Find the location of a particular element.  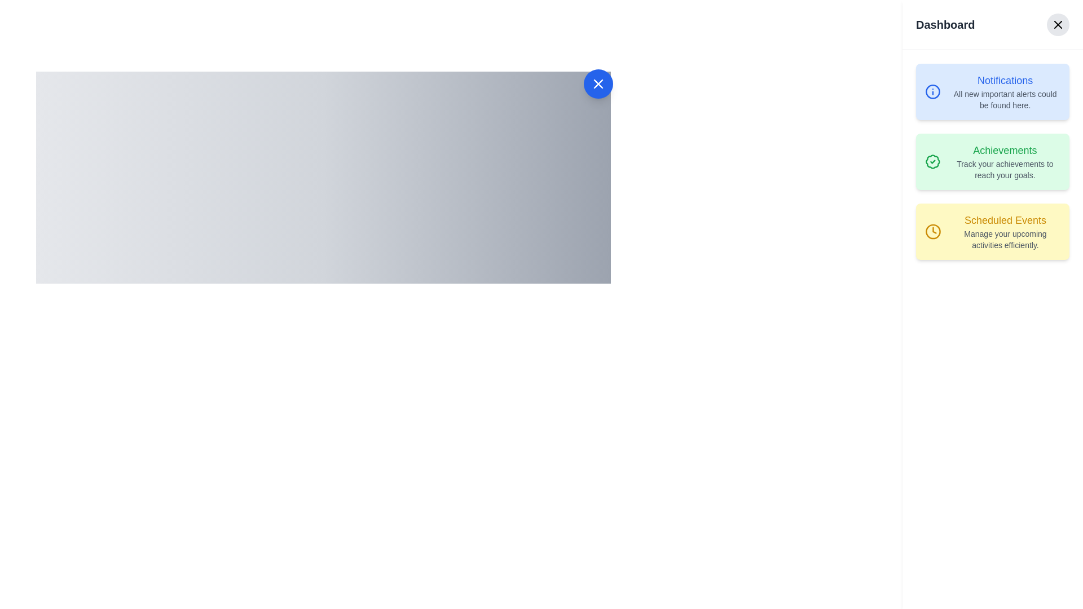

the 'Achievements' icon located near the left side of the green box representing the 'Achievements' functionality is located at coordinates (932, 161).